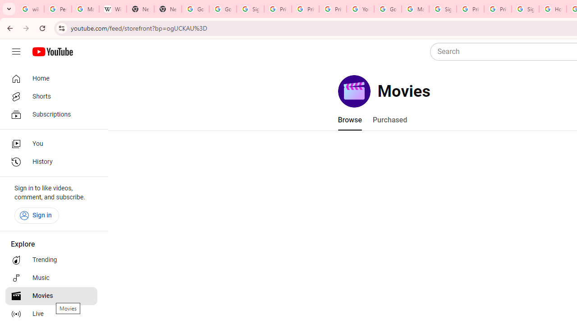  What do you see at coordinates (57, 9) in the screenshot?
I see `'Personalization & Google Search results - Google Search Help'` at bounding box center [57, 9].